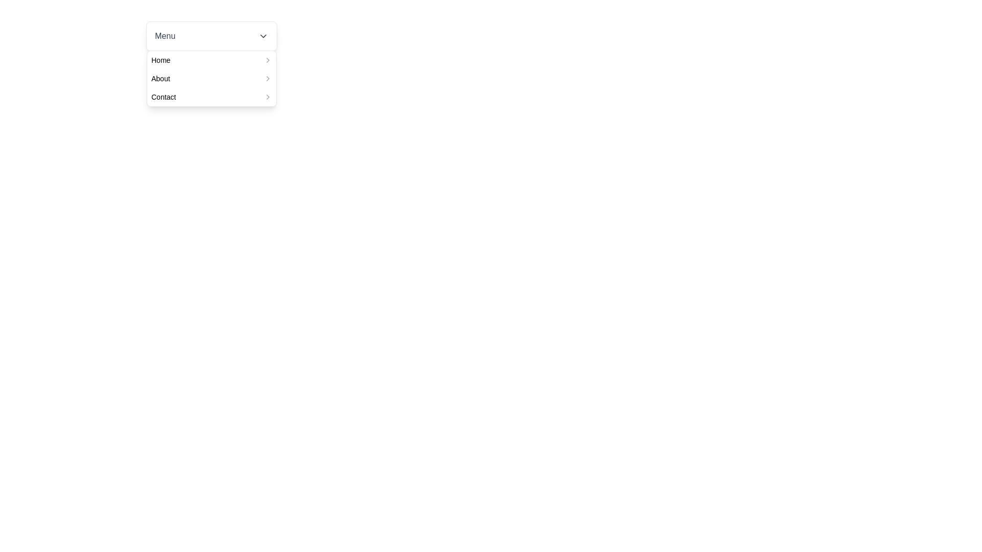 This screenshot has width=982, height=552. I want to click on an option from the dropdown menu located at the upper-left corner of the viewport by clicking on it to navigate to a section, so click(211, 35).